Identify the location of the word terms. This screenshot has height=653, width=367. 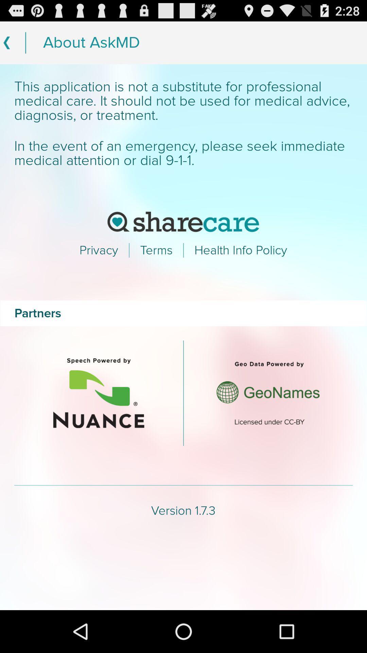
(156, 250).